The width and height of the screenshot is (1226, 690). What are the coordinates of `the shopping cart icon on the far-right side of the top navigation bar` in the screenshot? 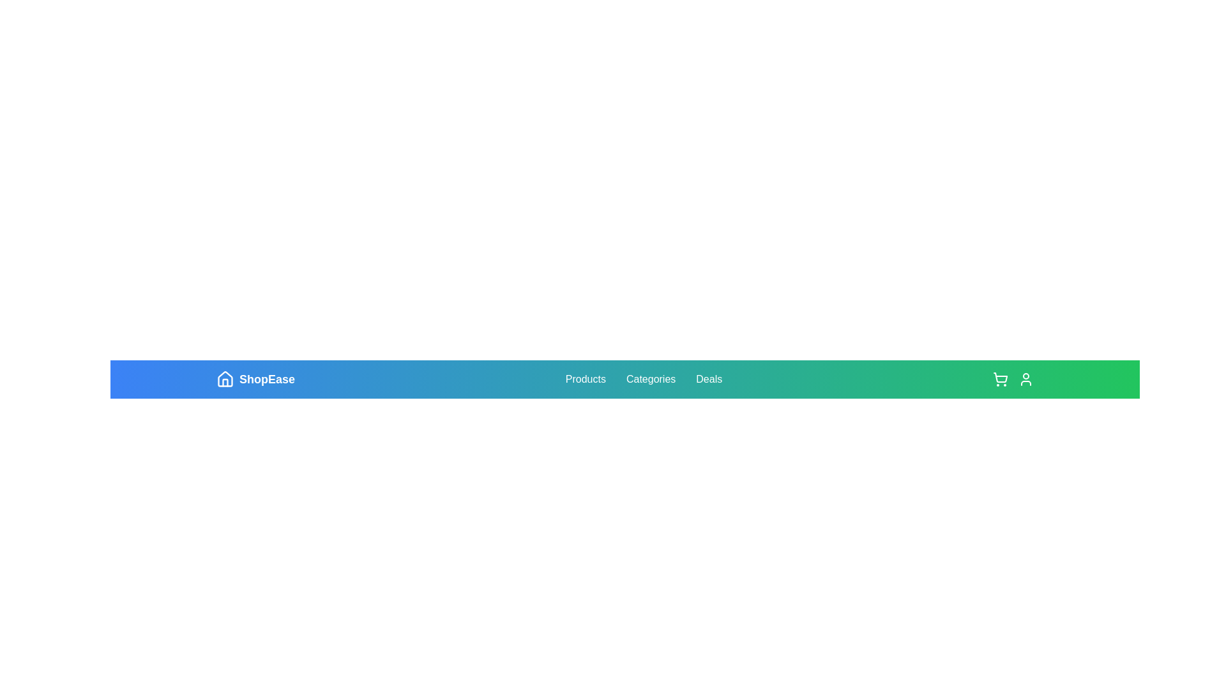 It's located at (999, 379).